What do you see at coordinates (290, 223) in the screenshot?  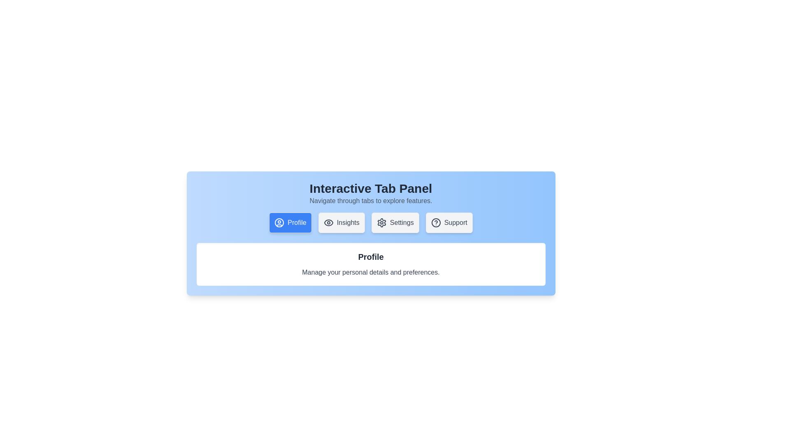 I see `the tab labeled Profile to observe its hover effect` at bounding box center [290, 223].